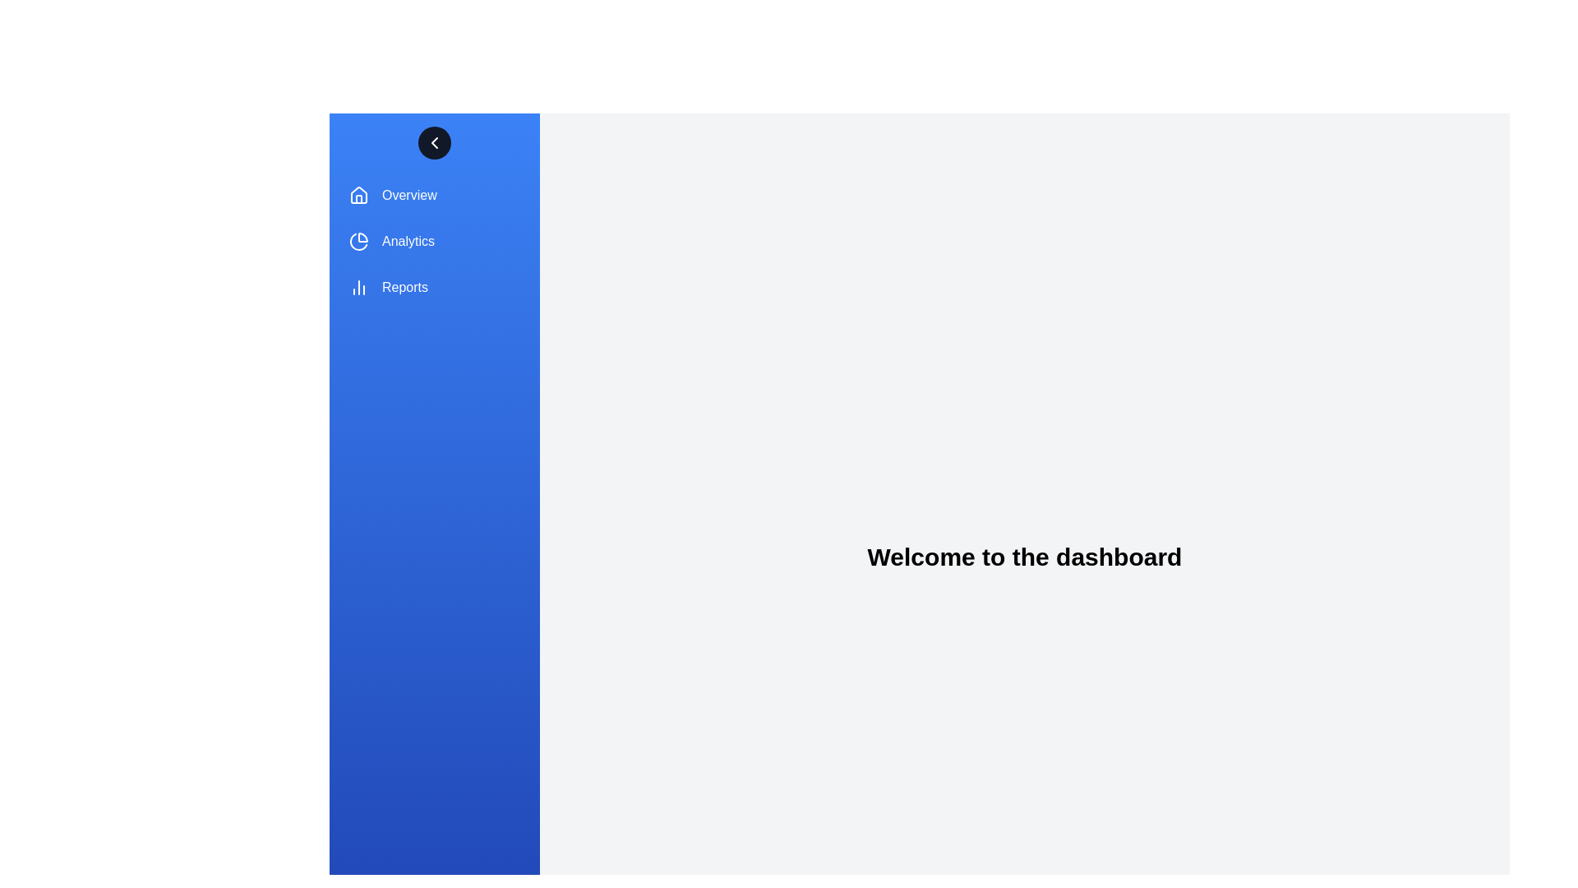 The image size is (1578, 888). Describe the element at coordinates (434, 287) in the screenshot. I see `the sidebar menu item labeled Reports` at that location.